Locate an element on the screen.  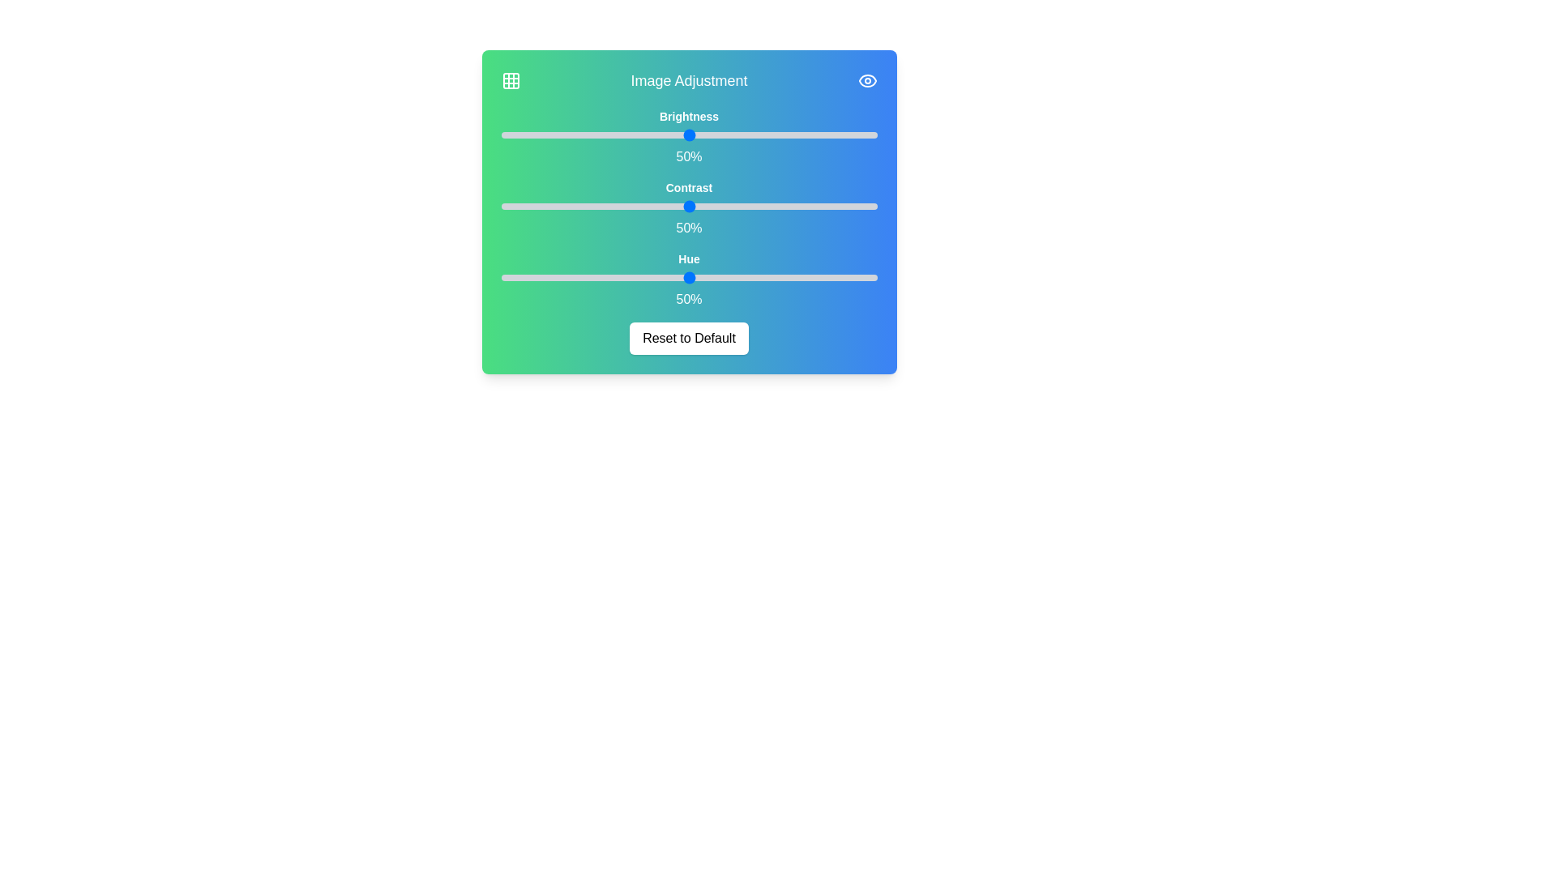
the 1 slider to 55% is located at coordinates (895, 205).